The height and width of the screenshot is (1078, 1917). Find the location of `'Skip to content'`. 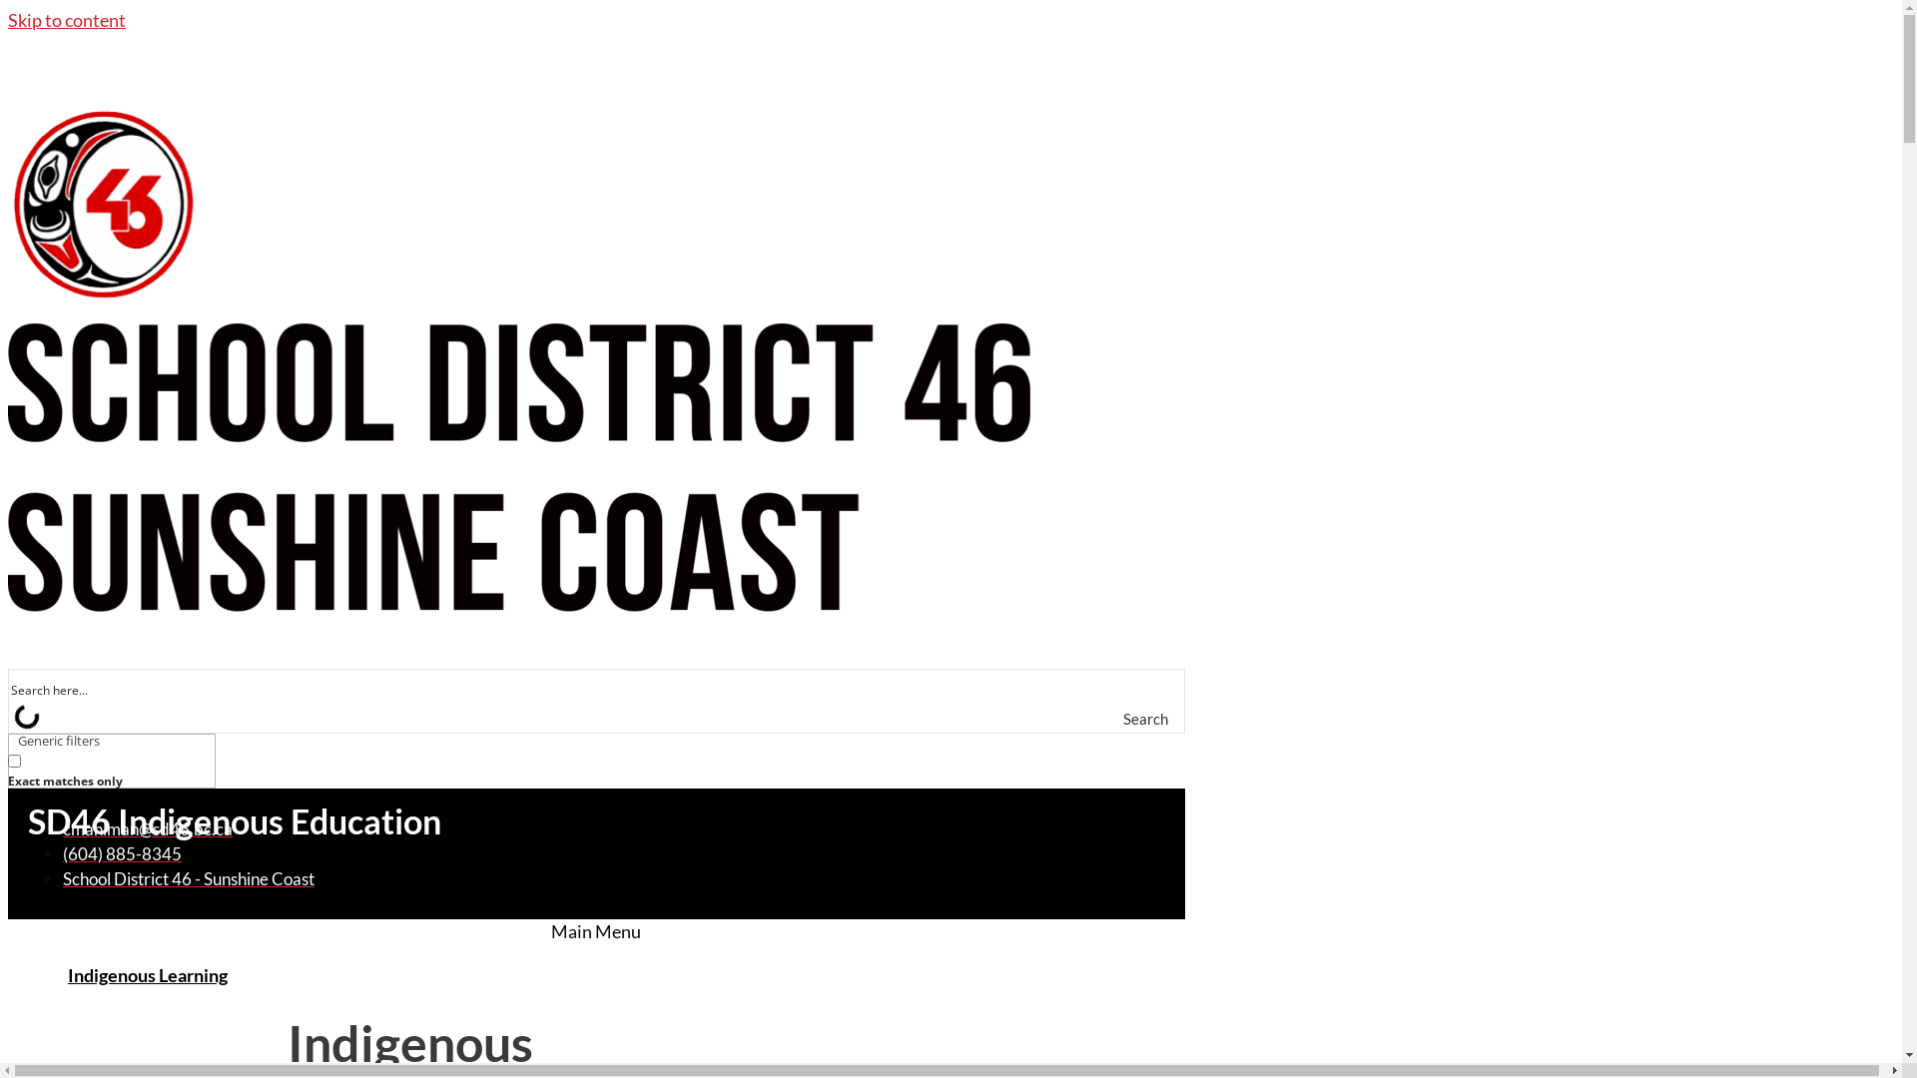

'Skip to content' is located at coordinates (8, 19).